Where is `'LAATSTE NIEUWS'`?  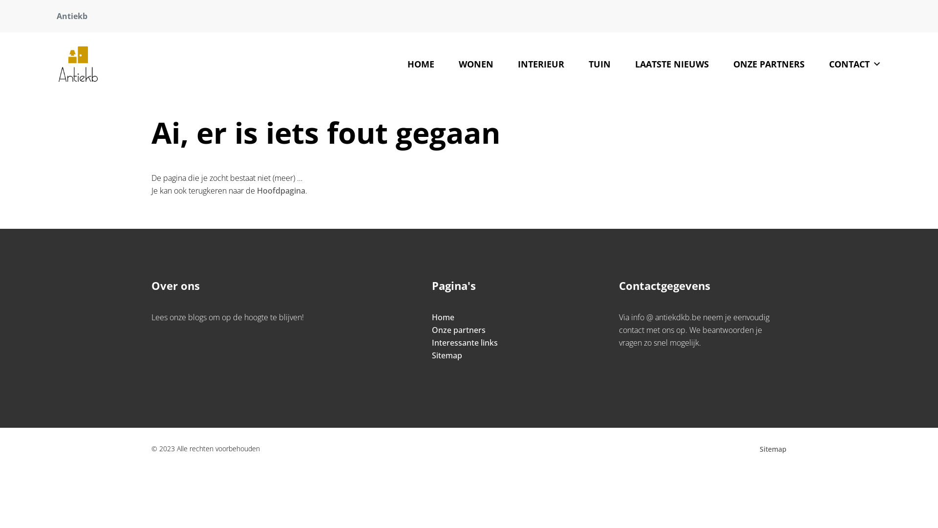
'LAATSTE NIEUWS' is located at coordinates (671, 64).